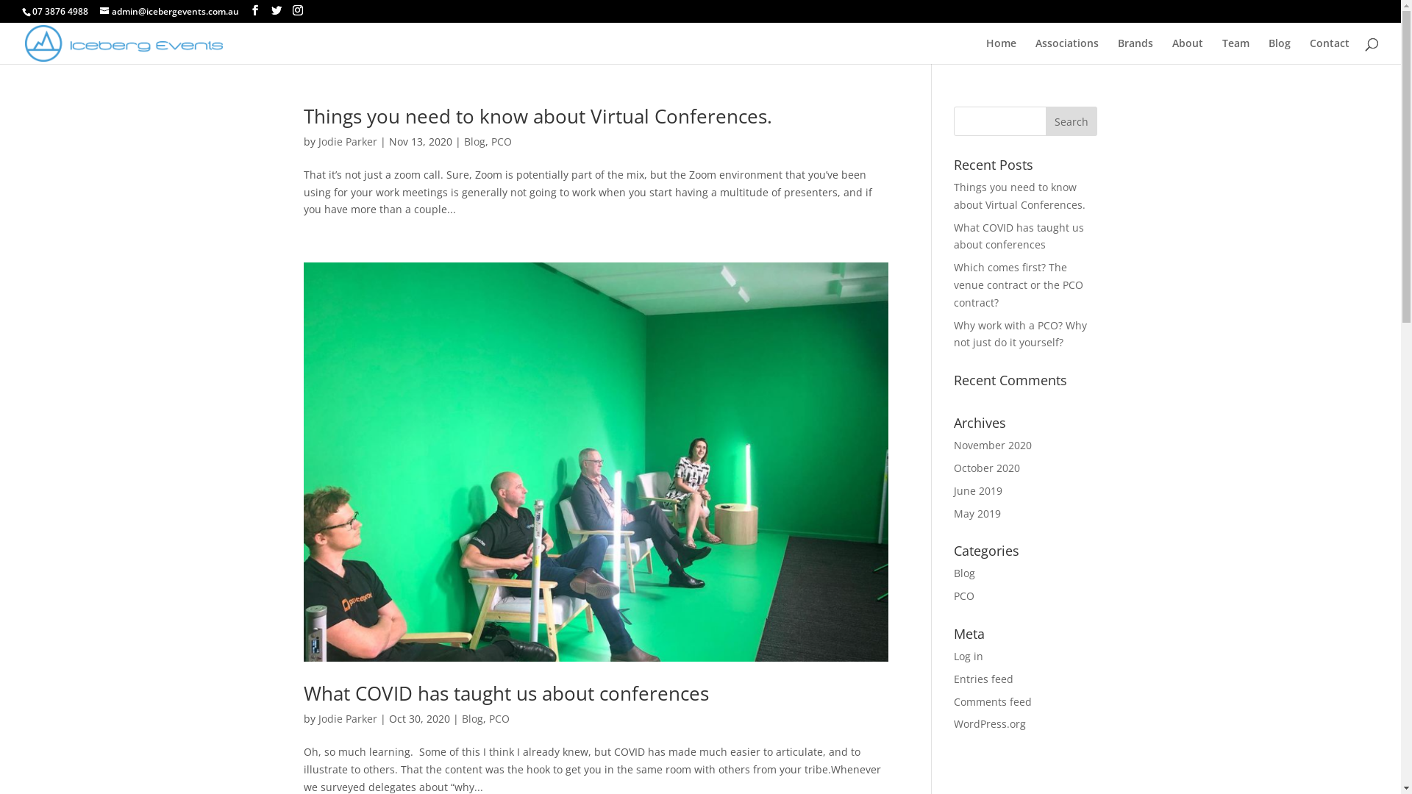  What do you see at coordinates (1235, 50) in the screenshot?
I see `'Team'` at bounding box center [1235, 50].